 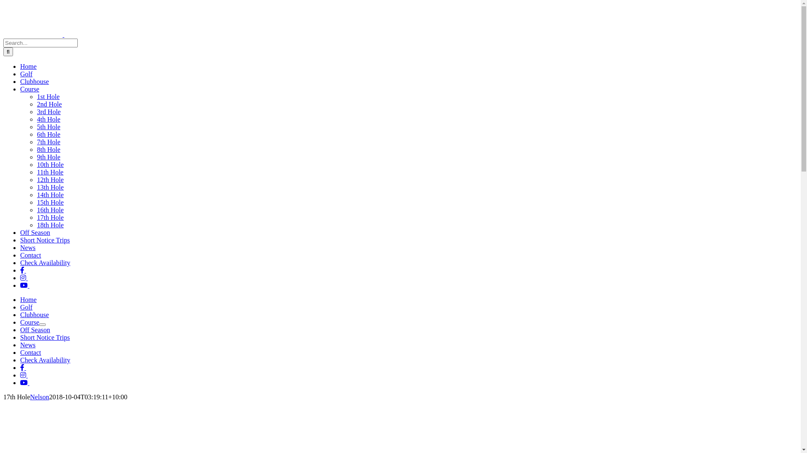 I want to click on 'Skip to content', so click(x=3, y=3).